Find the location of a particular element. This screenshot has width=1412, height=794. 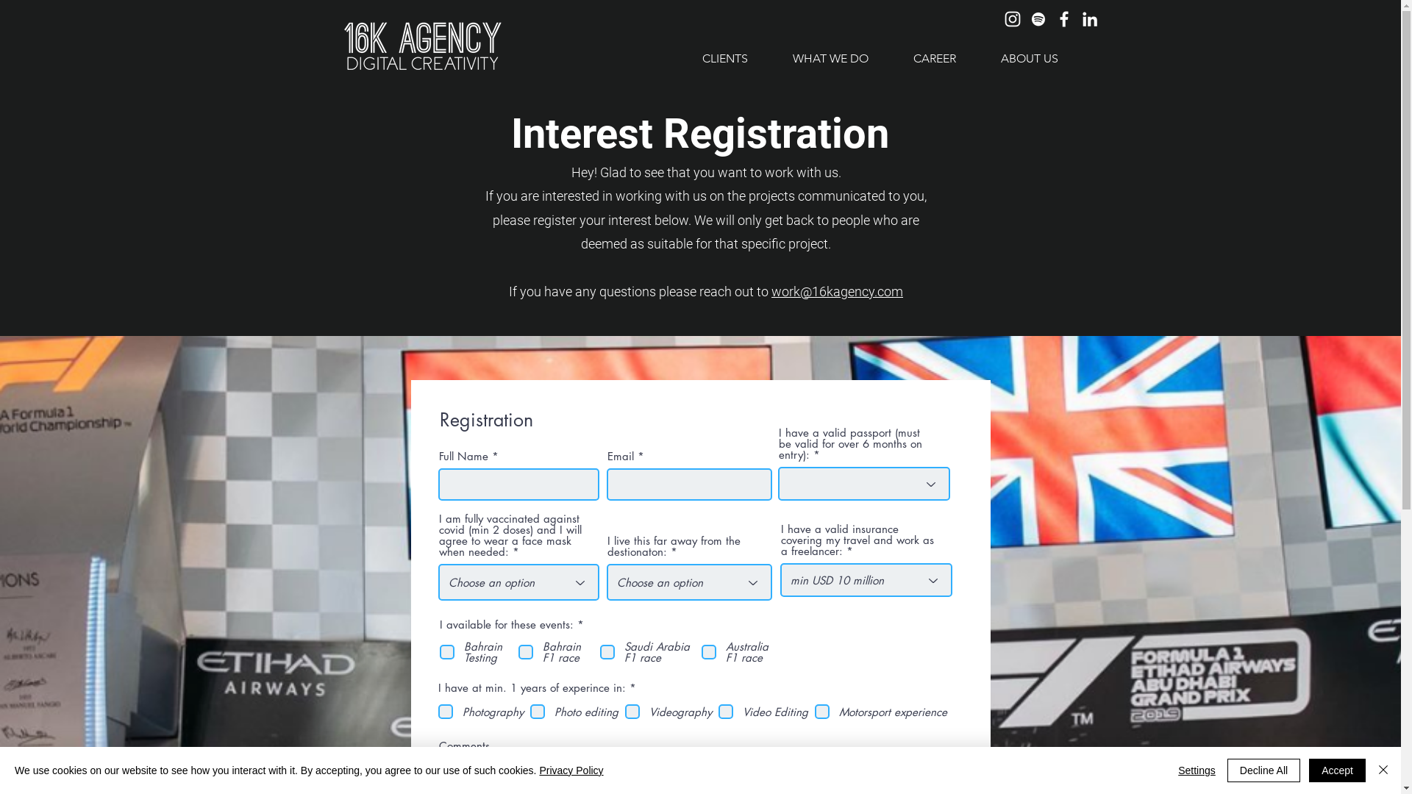

'ABOUT US' is located at coordinates (1028, 57).